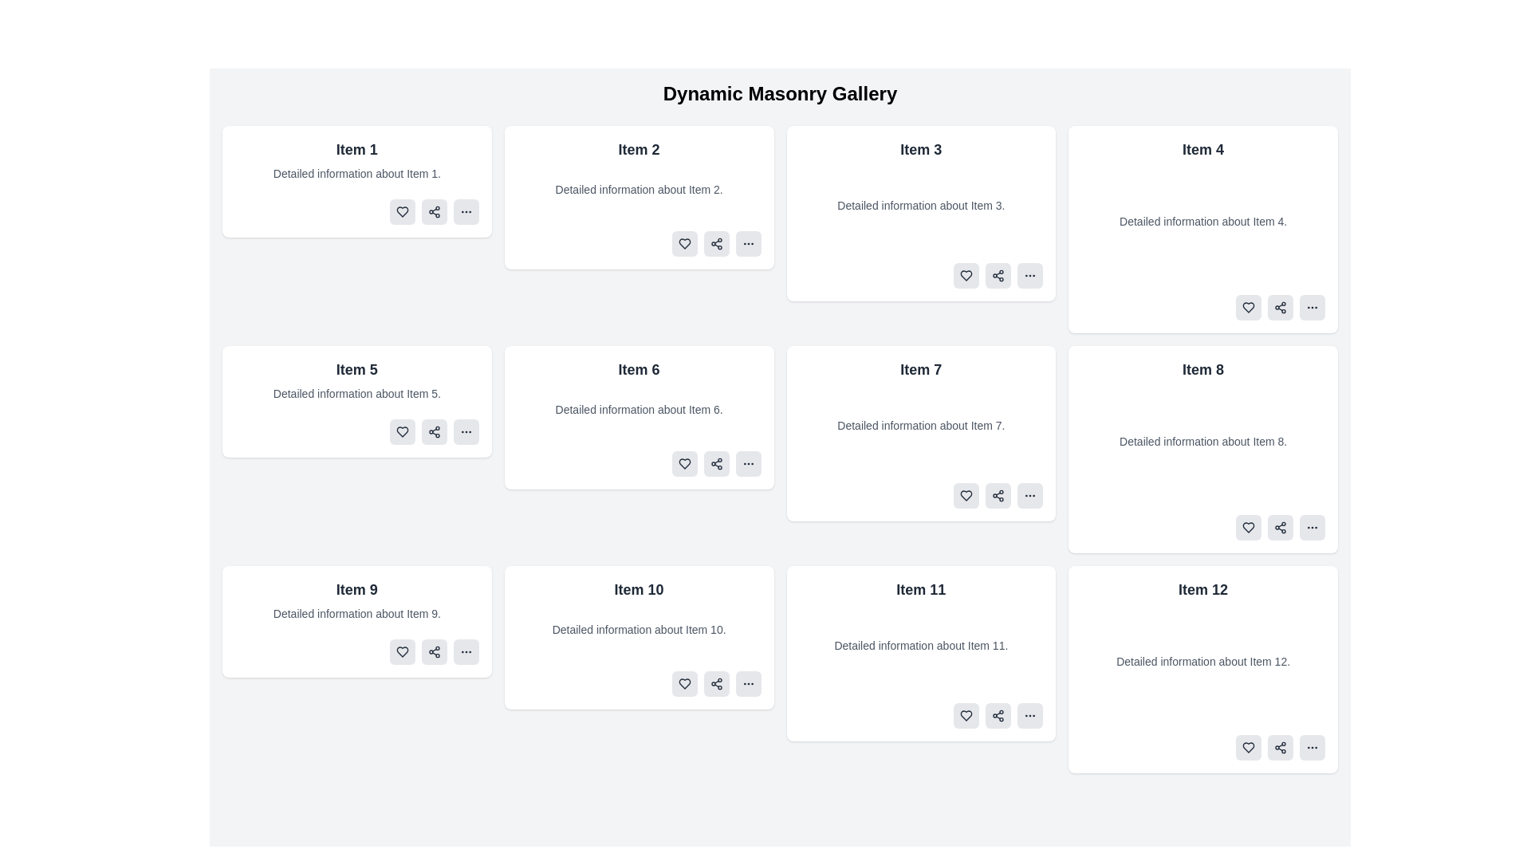 The height and width of the screenshot is (861, 1531). I want to click on the heart-shaped icon outlined in gray within the 'Item 12' card to like or favorite the item, so click(1247, 747).